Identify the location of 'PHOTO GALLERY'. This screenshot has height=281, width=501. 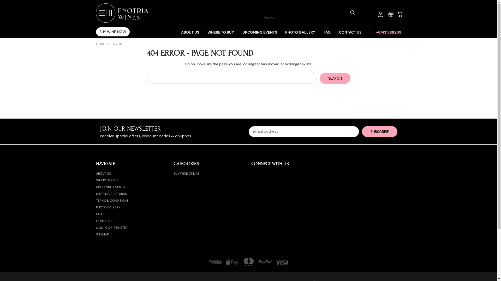
(280, 32).